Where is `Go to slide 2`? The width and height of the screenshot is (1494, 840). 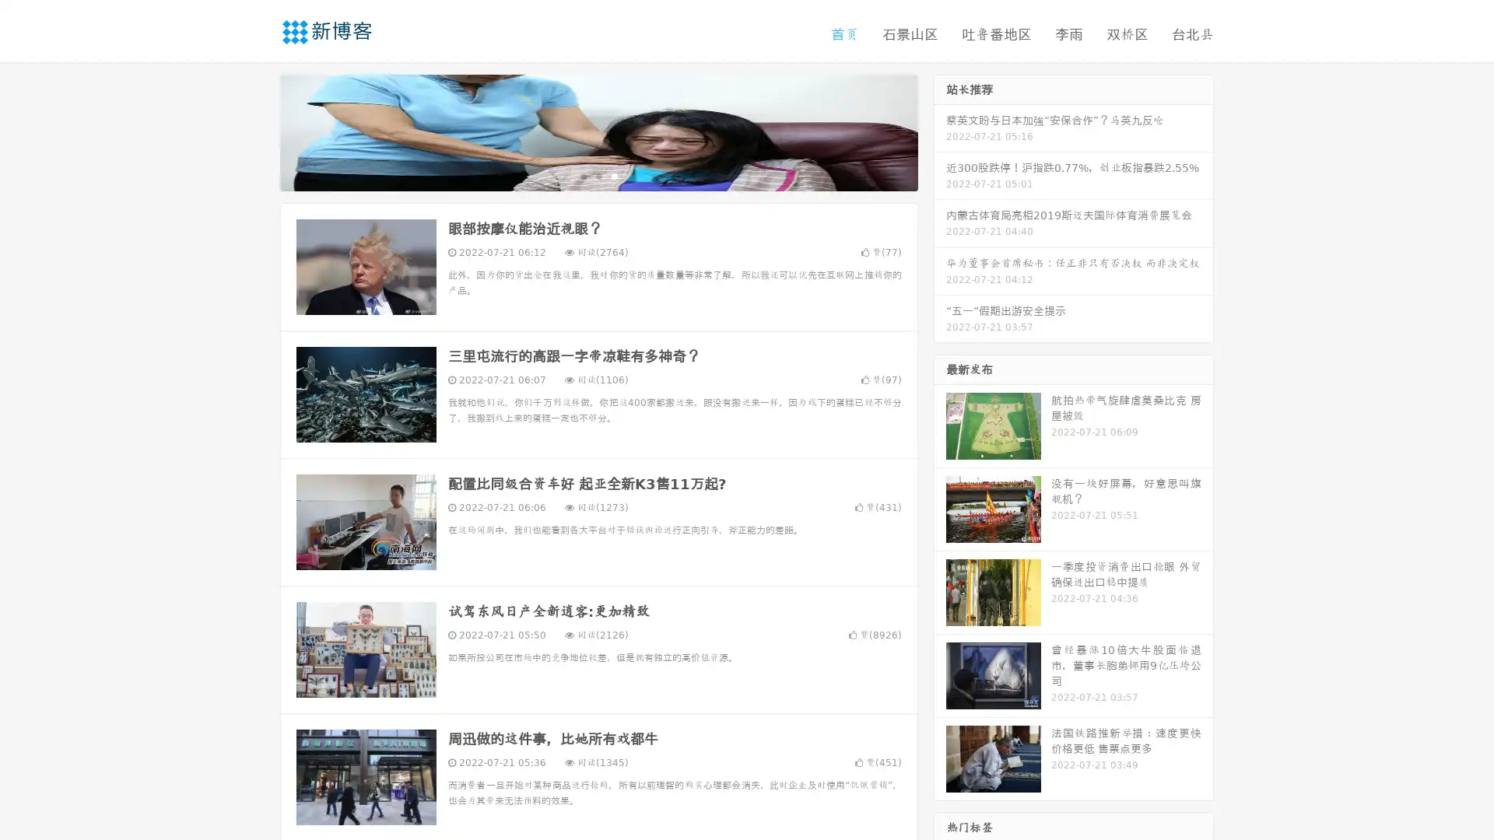 Go to slide 2 is located at coordinates (598, 175).